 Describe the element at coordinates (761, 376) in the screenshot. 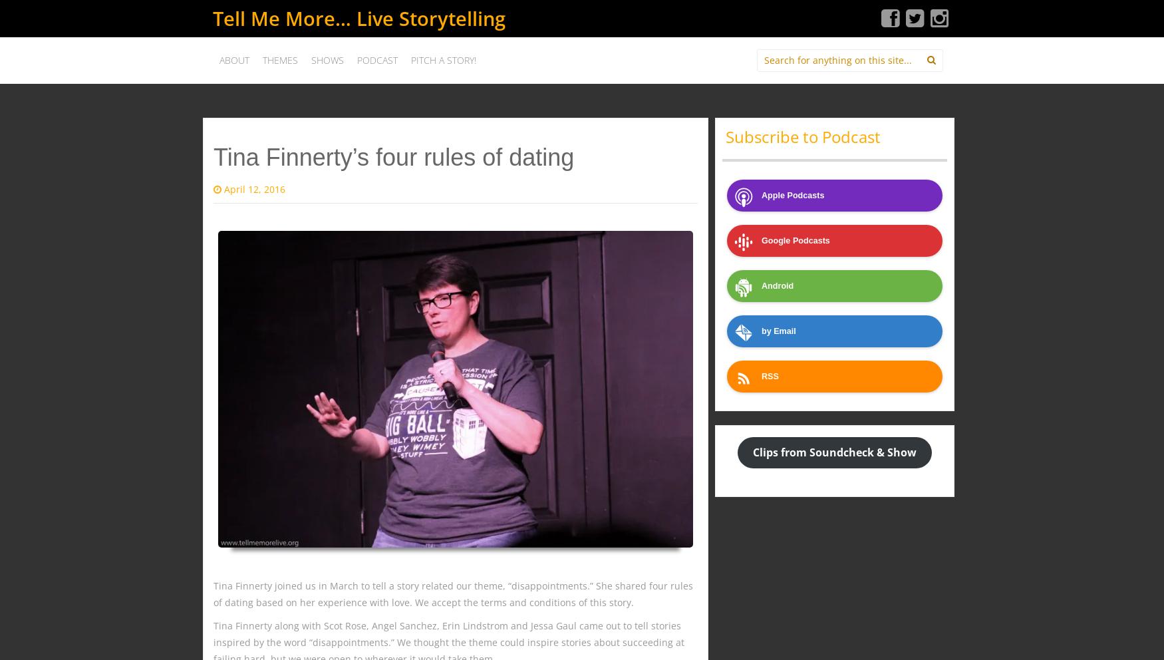

I see `'RSS'` at that location.